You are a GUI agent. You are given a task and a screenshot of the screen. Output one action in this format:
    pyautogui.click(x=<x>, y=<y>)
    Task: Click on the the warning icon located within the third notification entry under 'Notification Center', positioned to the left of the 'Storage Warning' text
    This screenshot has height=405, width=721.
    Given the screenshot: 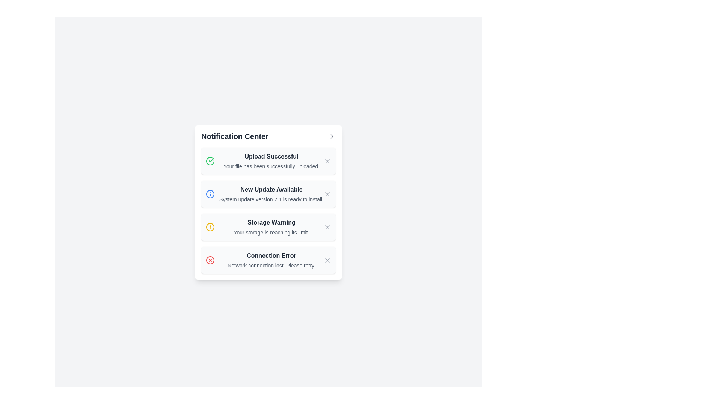 What is the action you would take?
    pyautogui.click(x=210, y=226)
    